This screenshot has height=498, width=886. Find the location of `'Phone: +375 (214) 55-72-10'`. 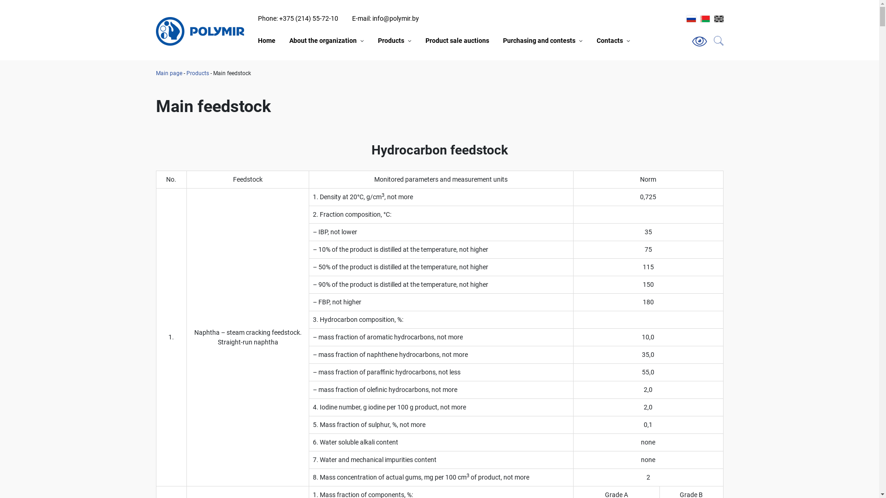

'Phone: +375 (214) 55-72-10' is located at coordinates (297, 18).